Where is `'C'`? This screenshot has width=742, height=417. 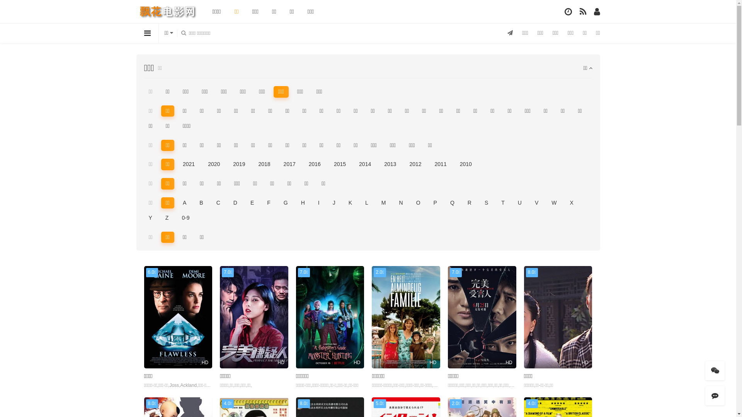 'C' is located at coordinates (218, 202).